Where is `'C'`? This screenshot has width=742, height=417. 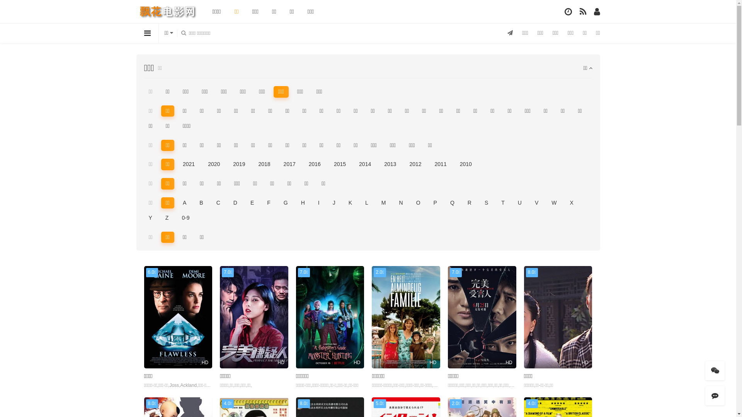 'C' is located at coordinates (218, 202).